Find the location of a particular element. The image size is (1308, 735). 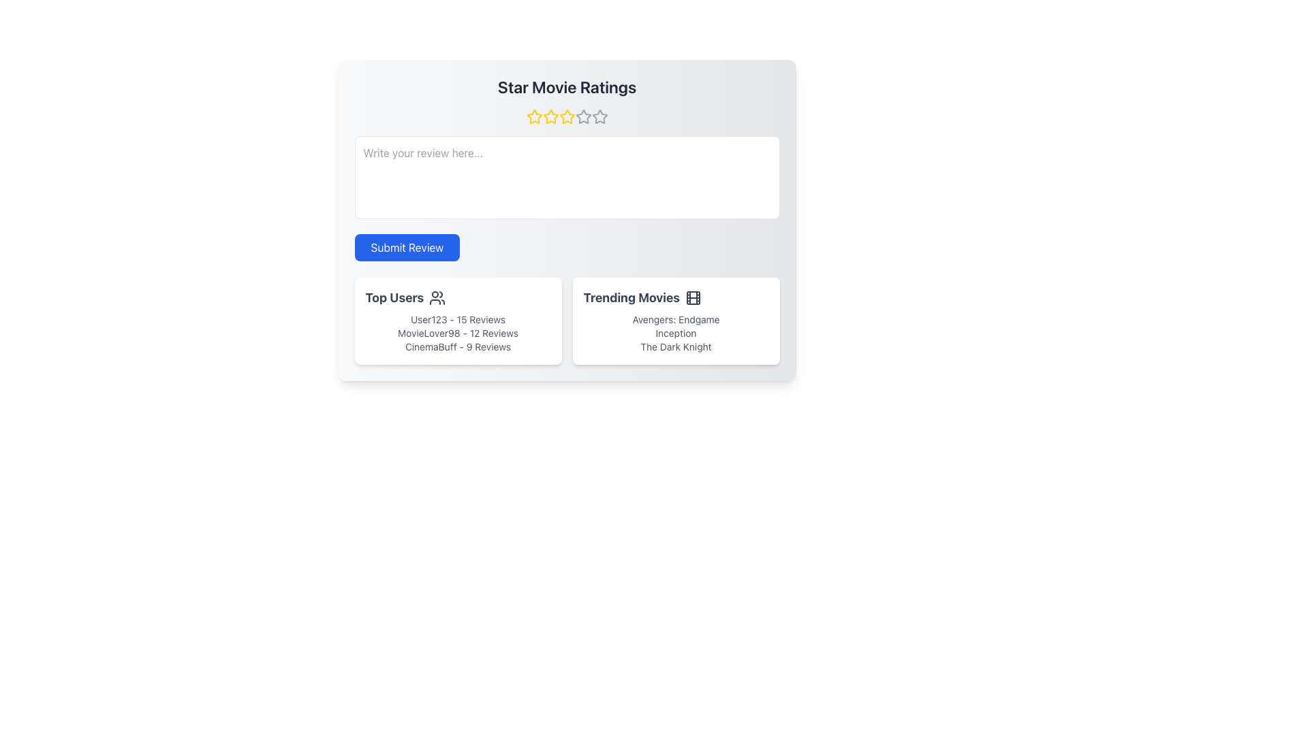

the submission button for user reviews located centrally in the lower part of the 'Star Movie Ratings' card, positioned below the review text area and above the 'Top Users' and 'Trending Movies' sections is located at coordinates (406, 247).